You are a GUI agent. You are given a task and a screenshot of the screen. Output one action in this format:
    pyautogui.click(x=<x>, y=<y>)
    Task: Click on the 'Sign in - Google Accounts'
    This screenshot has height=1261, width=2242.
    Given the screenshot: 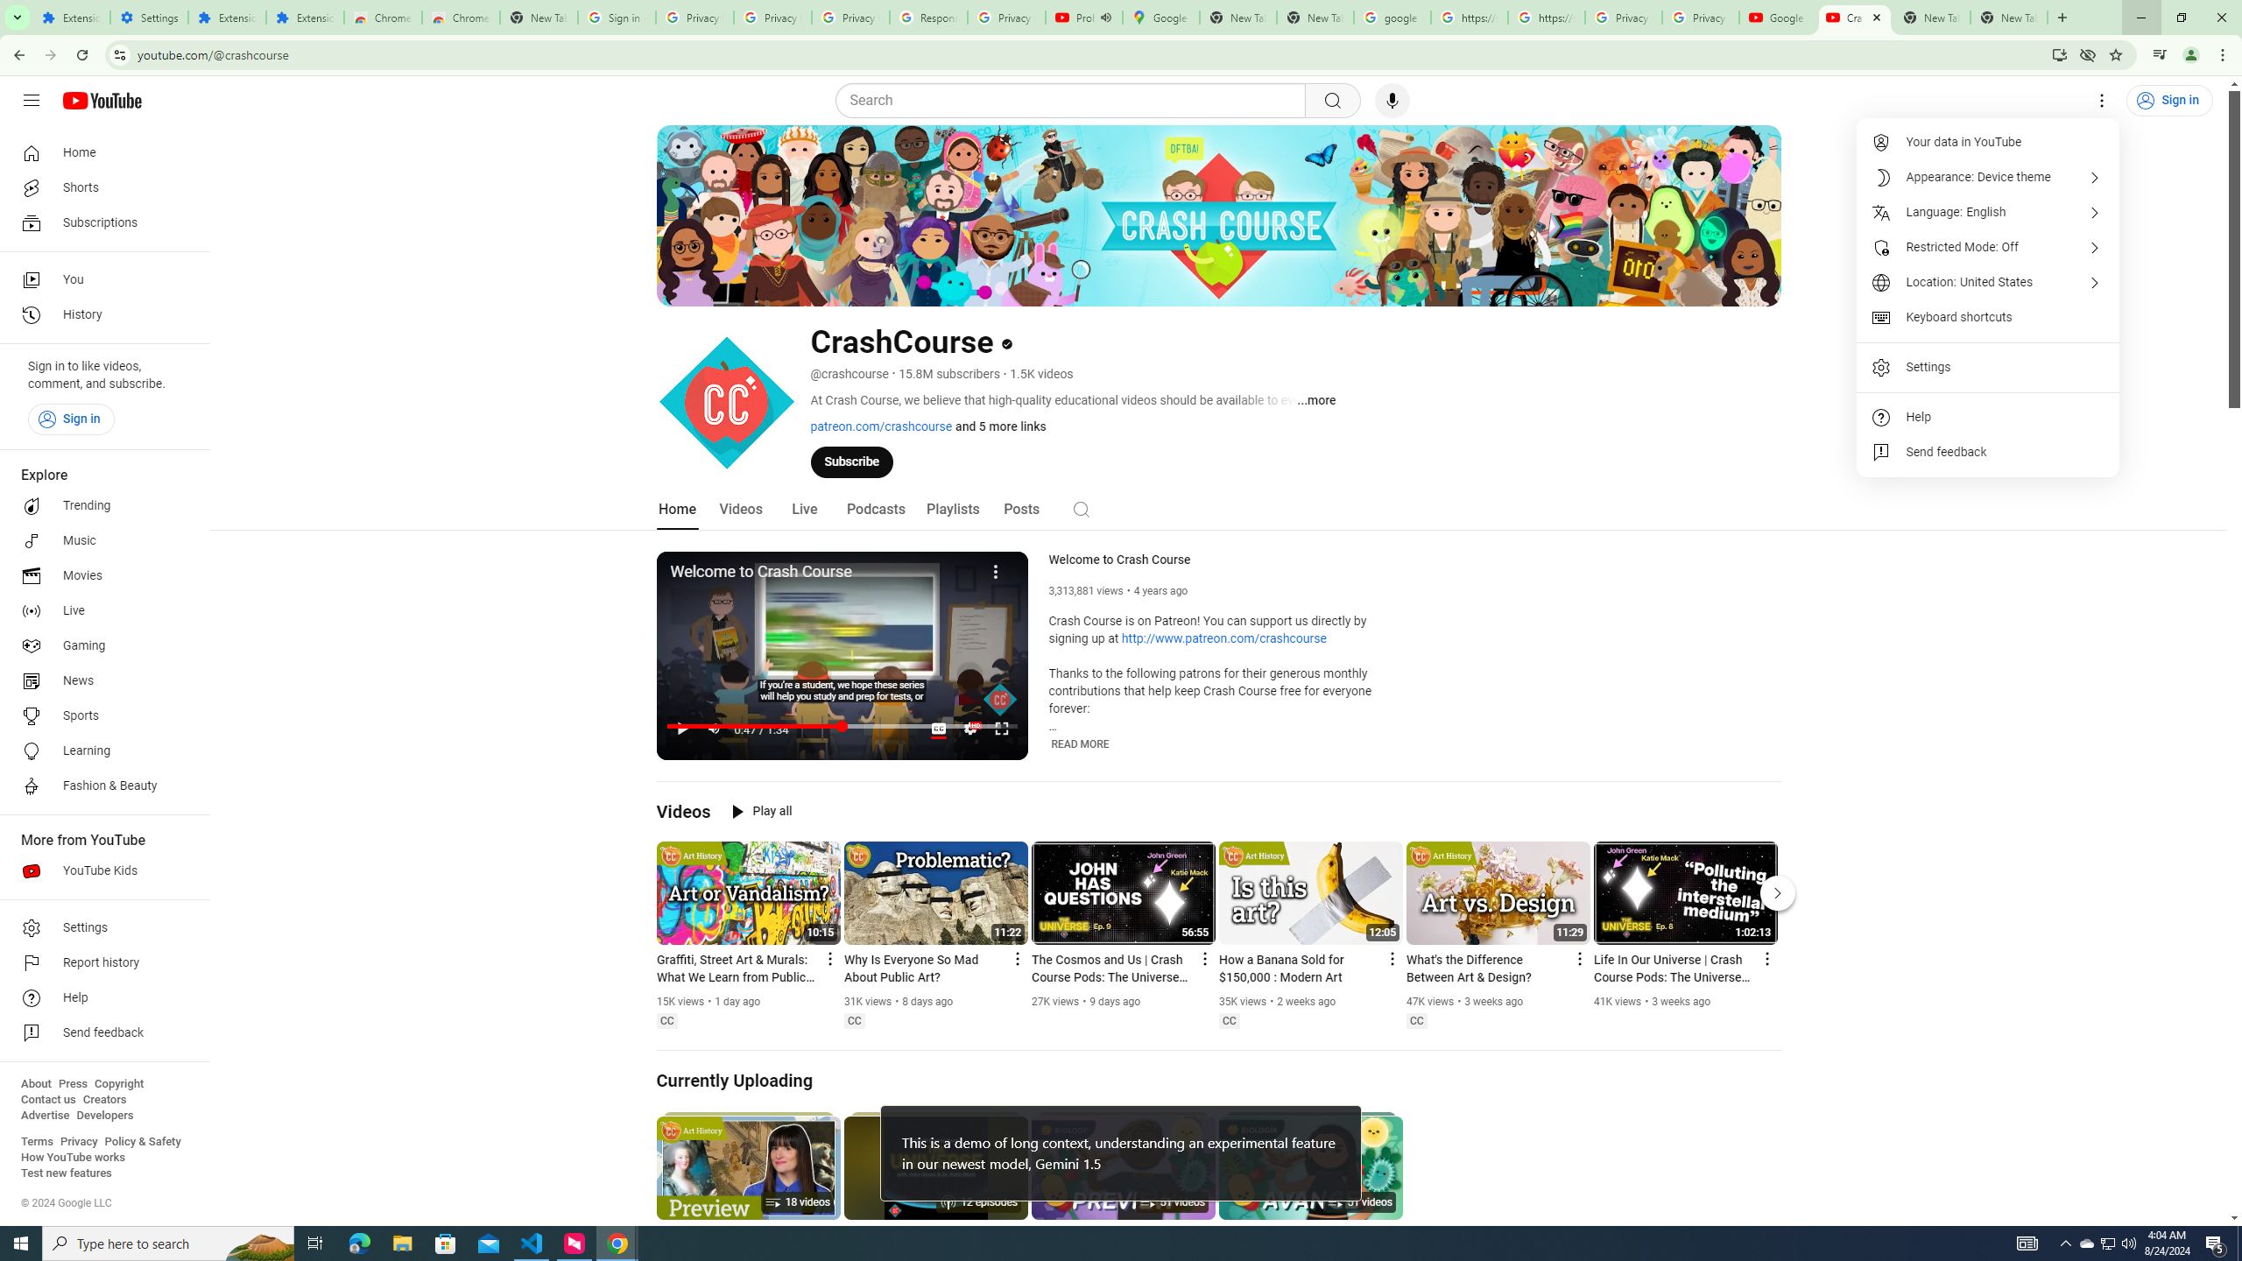 What is the action you would take?
    pyautogui.click(x=617, y=17)
    